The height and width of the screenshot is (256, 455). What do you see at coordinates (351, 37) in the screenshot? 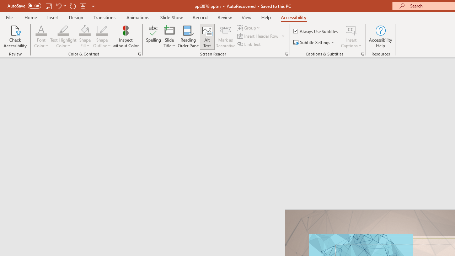
I see `'Insert Captions'` at bounding box center [351, 37].